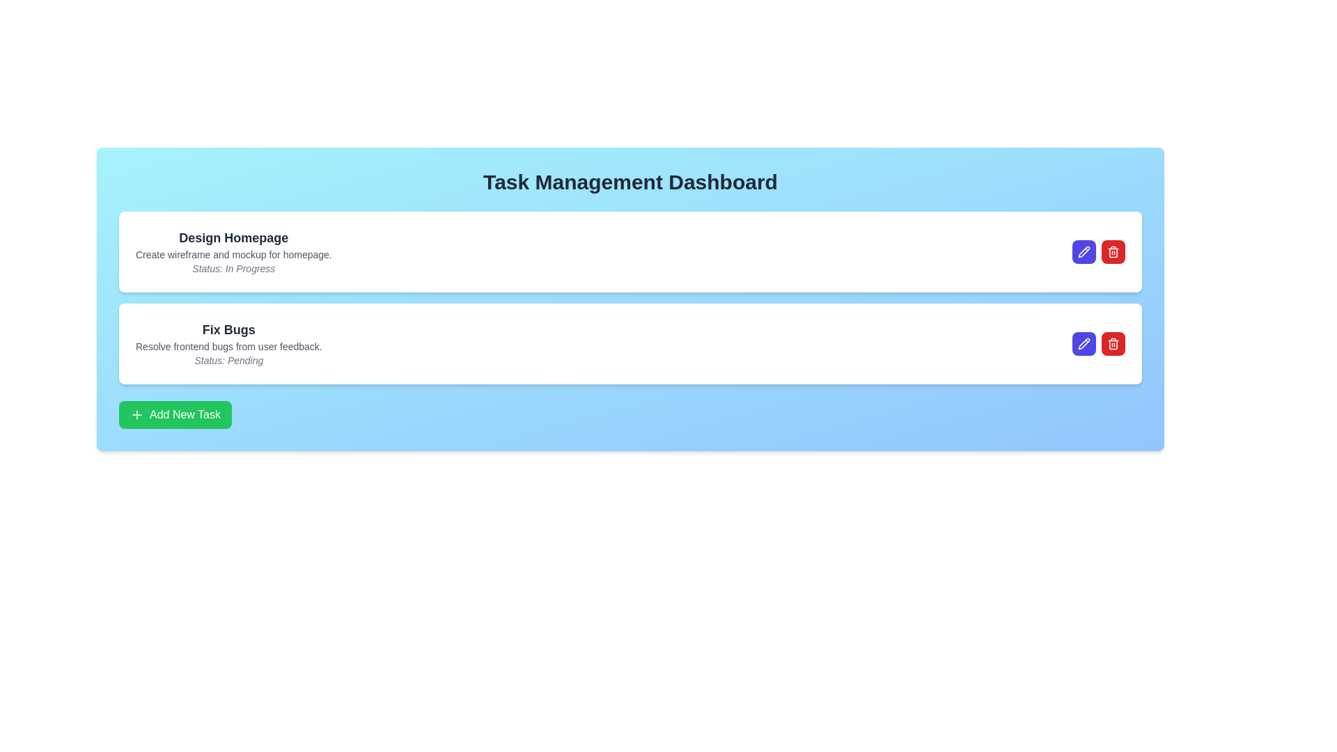 This screenshot has width=1337, height=752. I want to click on the delete button located to the right of the blue edit button in the top-right corner of the task card, so click(1112, 343).